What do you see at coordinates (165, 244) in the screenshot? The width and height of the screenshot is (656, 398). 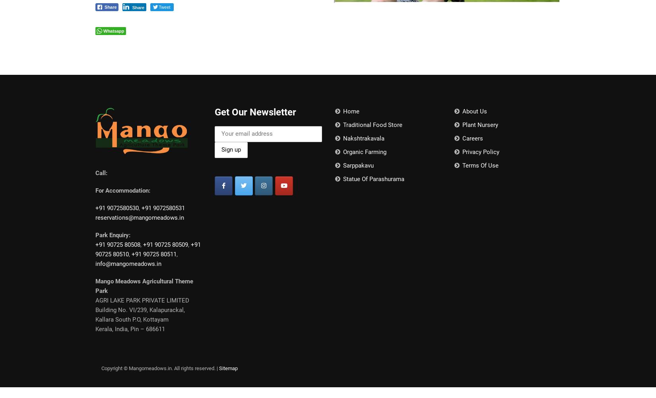 I see `'+91 90725 80509'` at bounding box center [165, 244].